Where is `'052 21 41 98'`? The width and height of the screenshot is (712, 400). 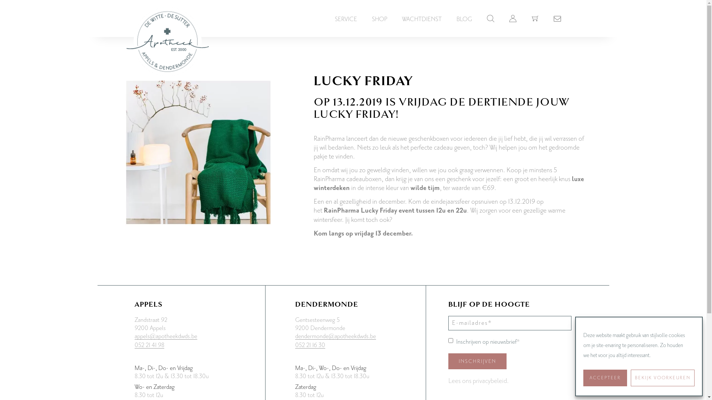
'052 21 41 98' is located at coordinates (149, 345).